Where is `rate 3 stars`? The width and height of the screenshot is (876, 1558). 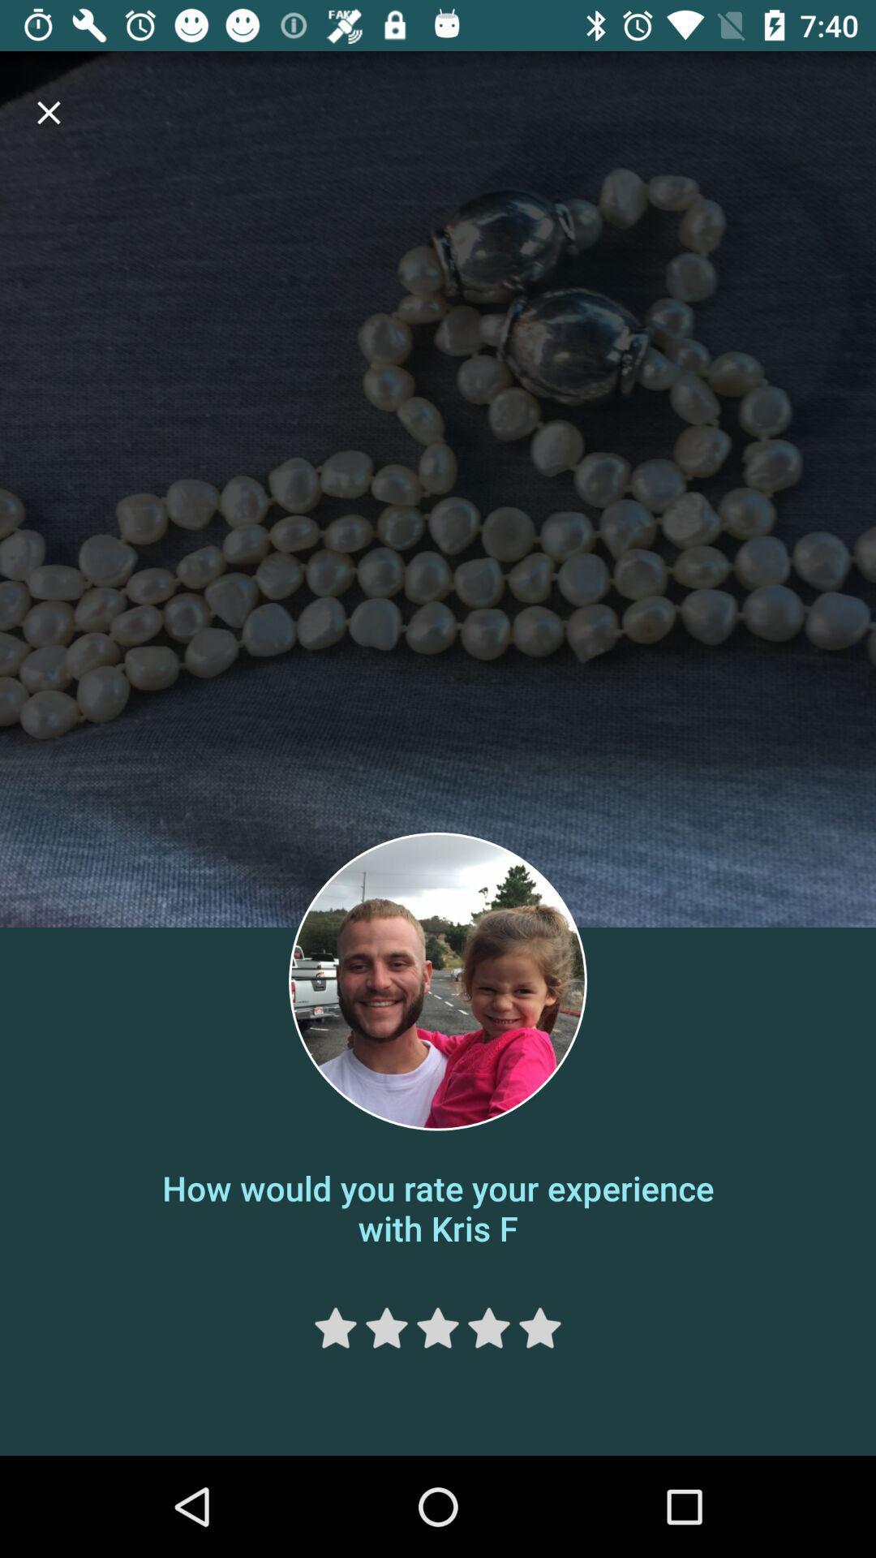
rate 3 stars is located at coordinates (438, 1328).